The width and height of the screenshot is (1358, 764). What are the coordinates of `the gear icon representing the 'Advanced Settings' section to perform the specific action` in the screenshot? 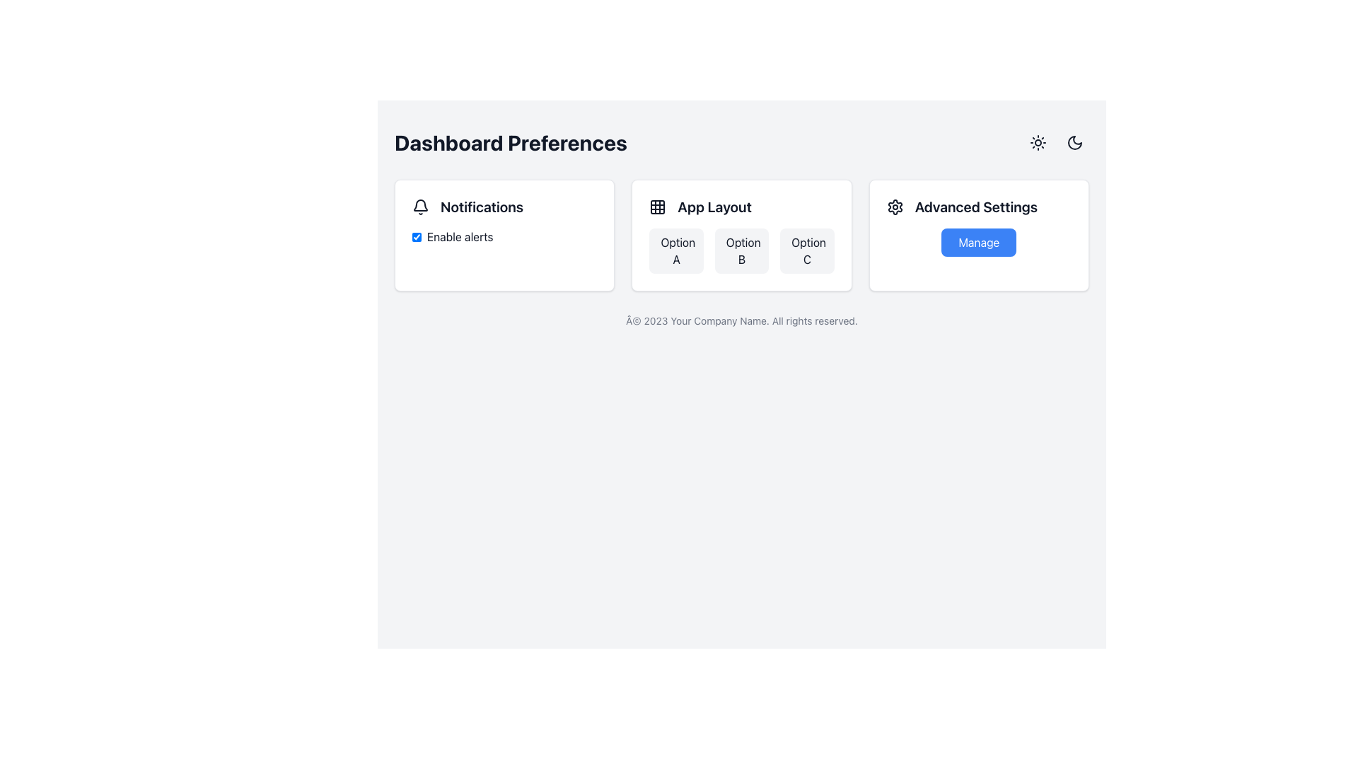 It's located at (894, 207).